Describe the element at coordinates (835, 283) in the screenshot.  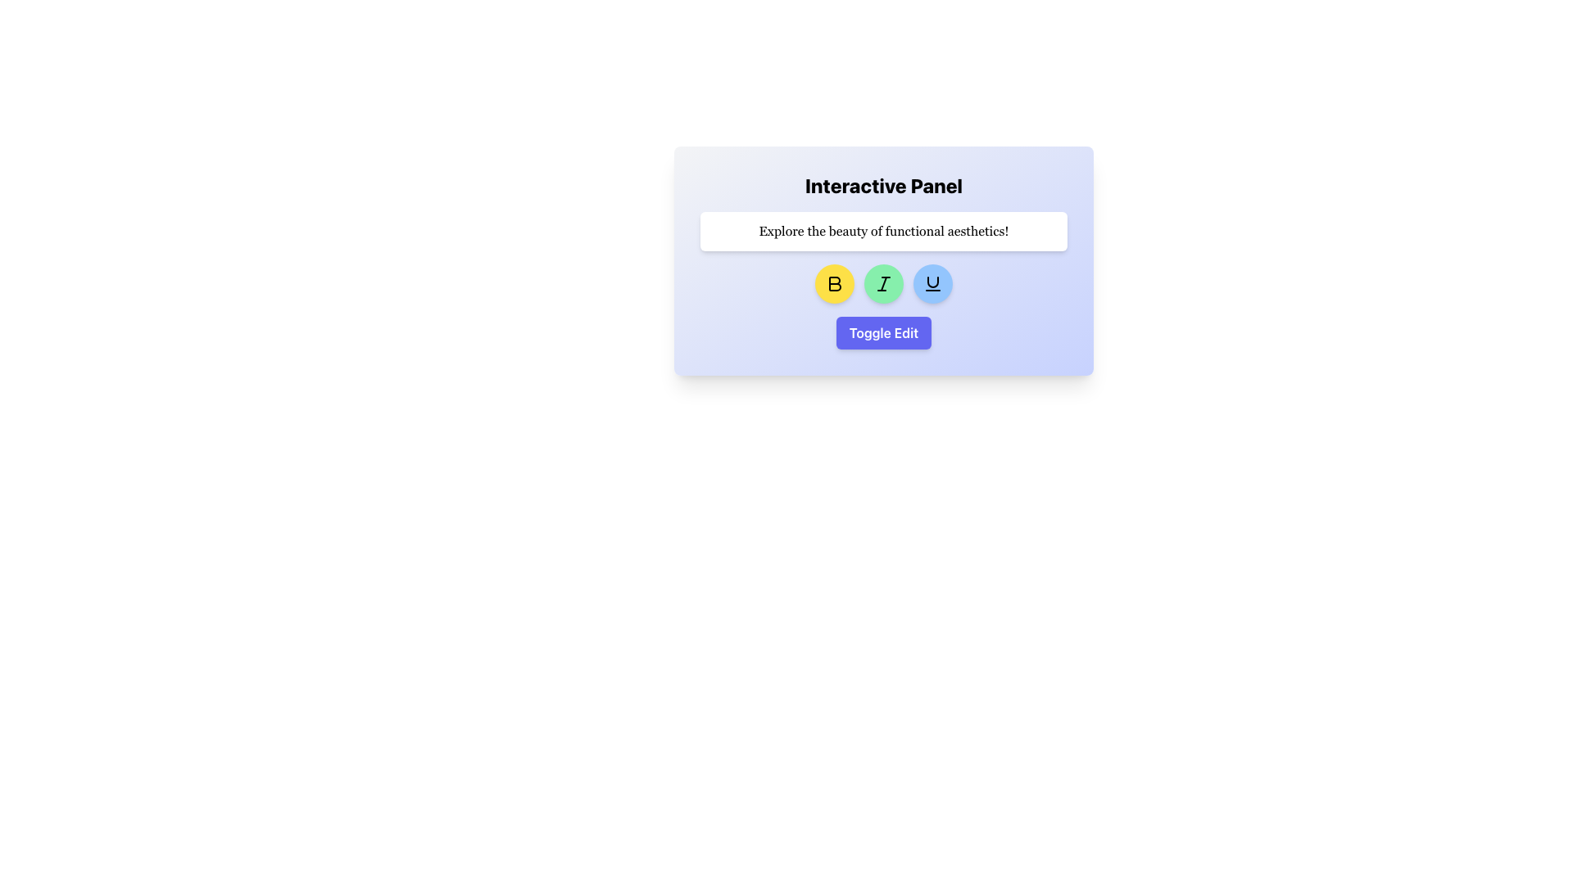
I see `the bold formatting button located below the text input box labeled 'Explore the beauty of functional aesthetics!' to apply bold formatting to the selected text` at that location.